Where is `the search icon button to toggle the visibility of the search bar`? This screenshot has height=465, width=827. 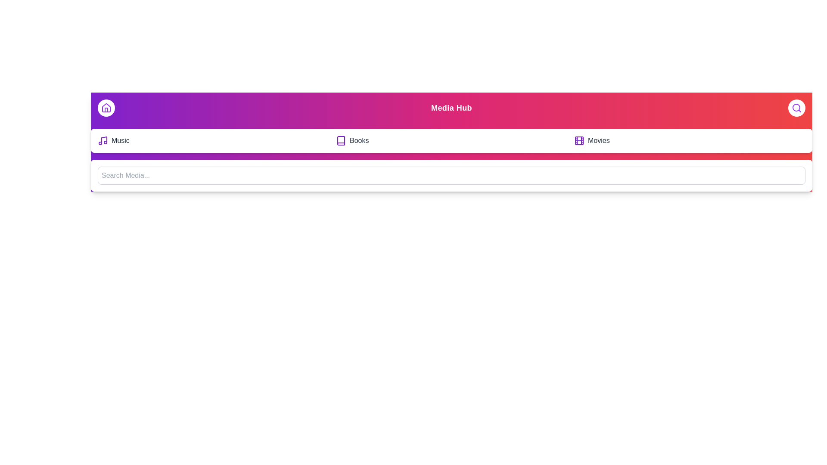
the search icon button to toggle the visibility of the search bar is located at coordinates (796, 107).